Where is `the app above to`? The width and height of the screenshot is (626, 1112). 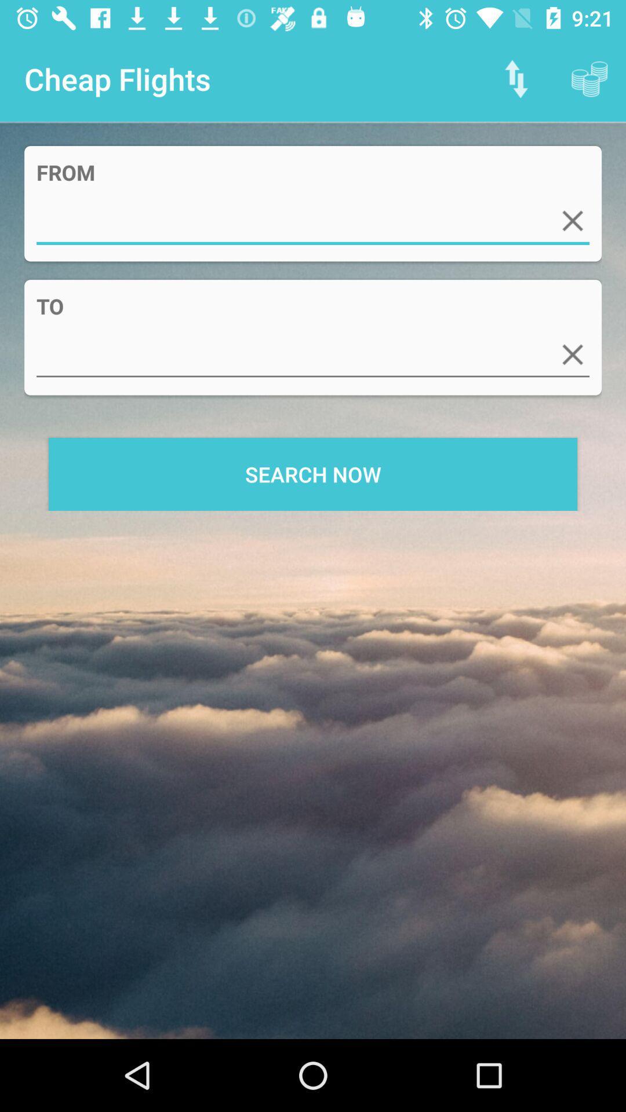 the app above to is located at coordinates (572, 221).